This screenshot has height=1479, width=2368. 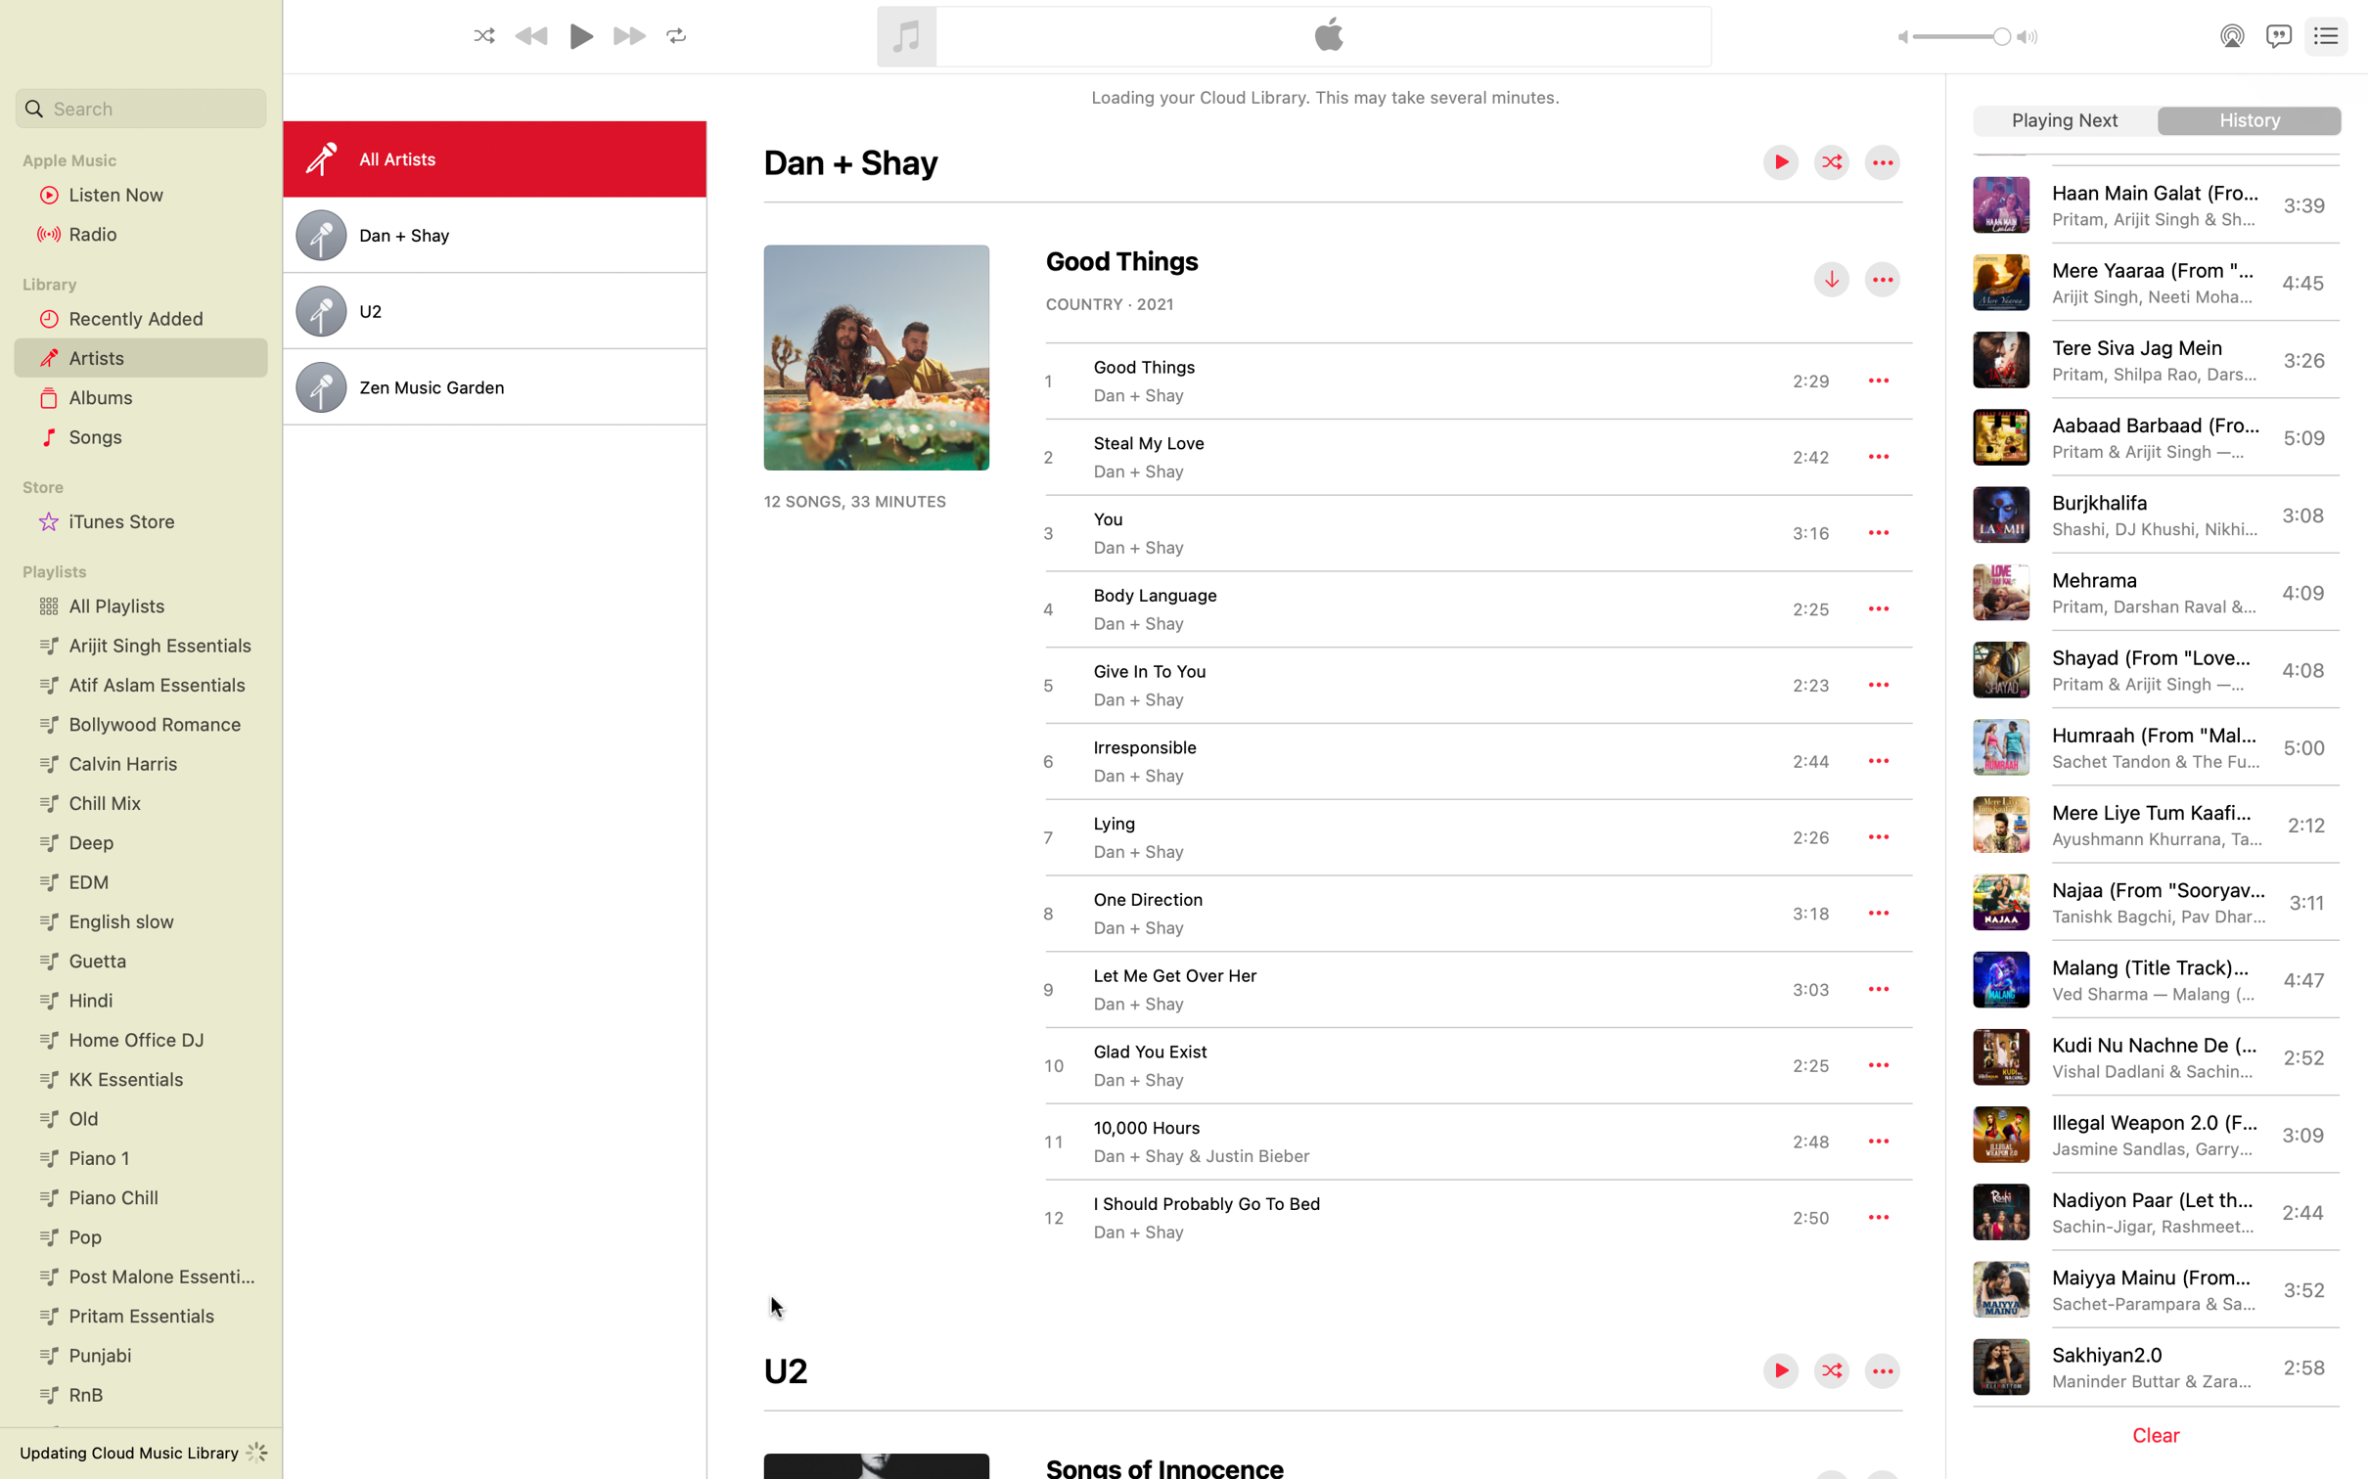 What do you see at coordinates (2158, 281) in the screenshot?
I see `Start the track "Mere Yaara"` at bounding box center [2158, 281].